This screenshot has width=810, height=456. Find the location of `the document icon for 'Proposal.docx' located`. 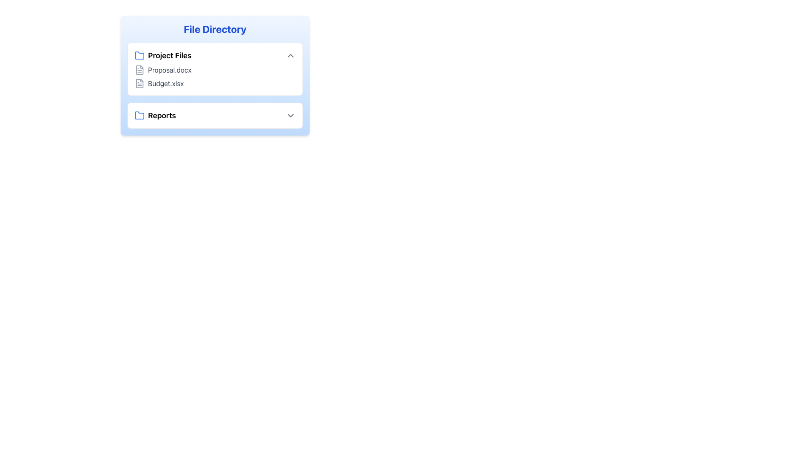

the document icon for 'Proposal.docx' located is located at coordinates (140, 69).